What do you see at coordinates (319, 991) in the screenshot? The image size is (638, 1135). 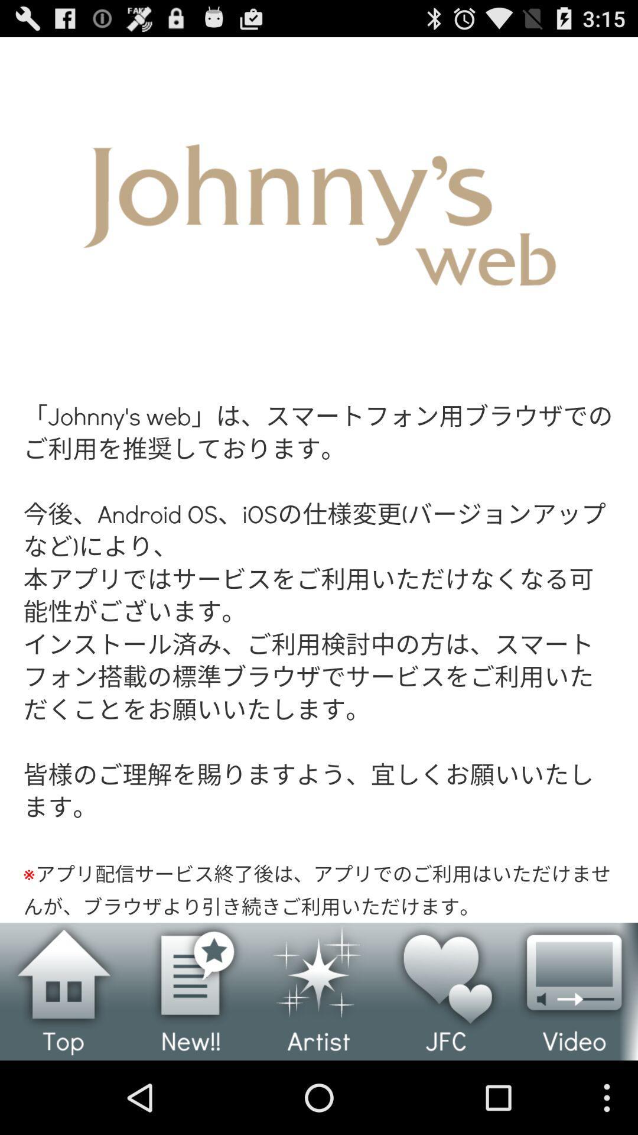 I see `search by artist` at bounding box center [319, 991].